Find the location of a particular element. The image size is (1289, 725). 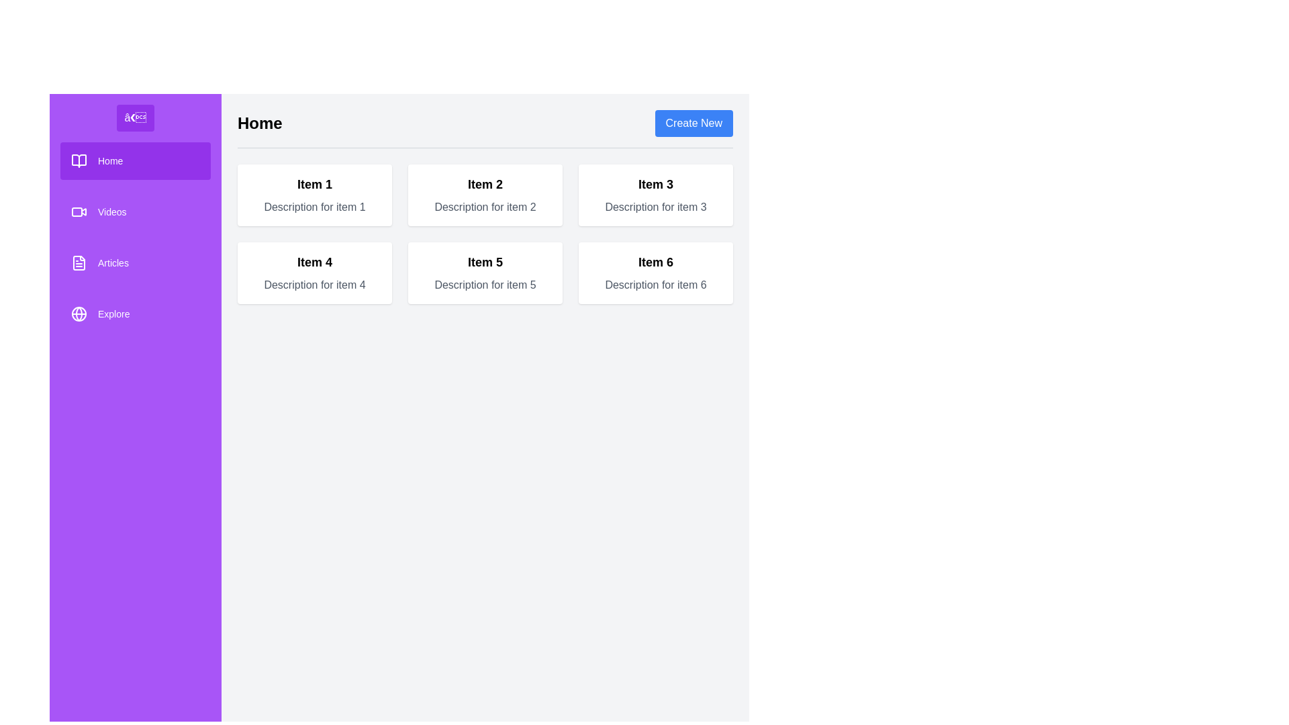

the text label displaying 'Description for item 4', which is located beneath the title 'Item 4' in the second card of the second row is located at coordinates (314, 284).